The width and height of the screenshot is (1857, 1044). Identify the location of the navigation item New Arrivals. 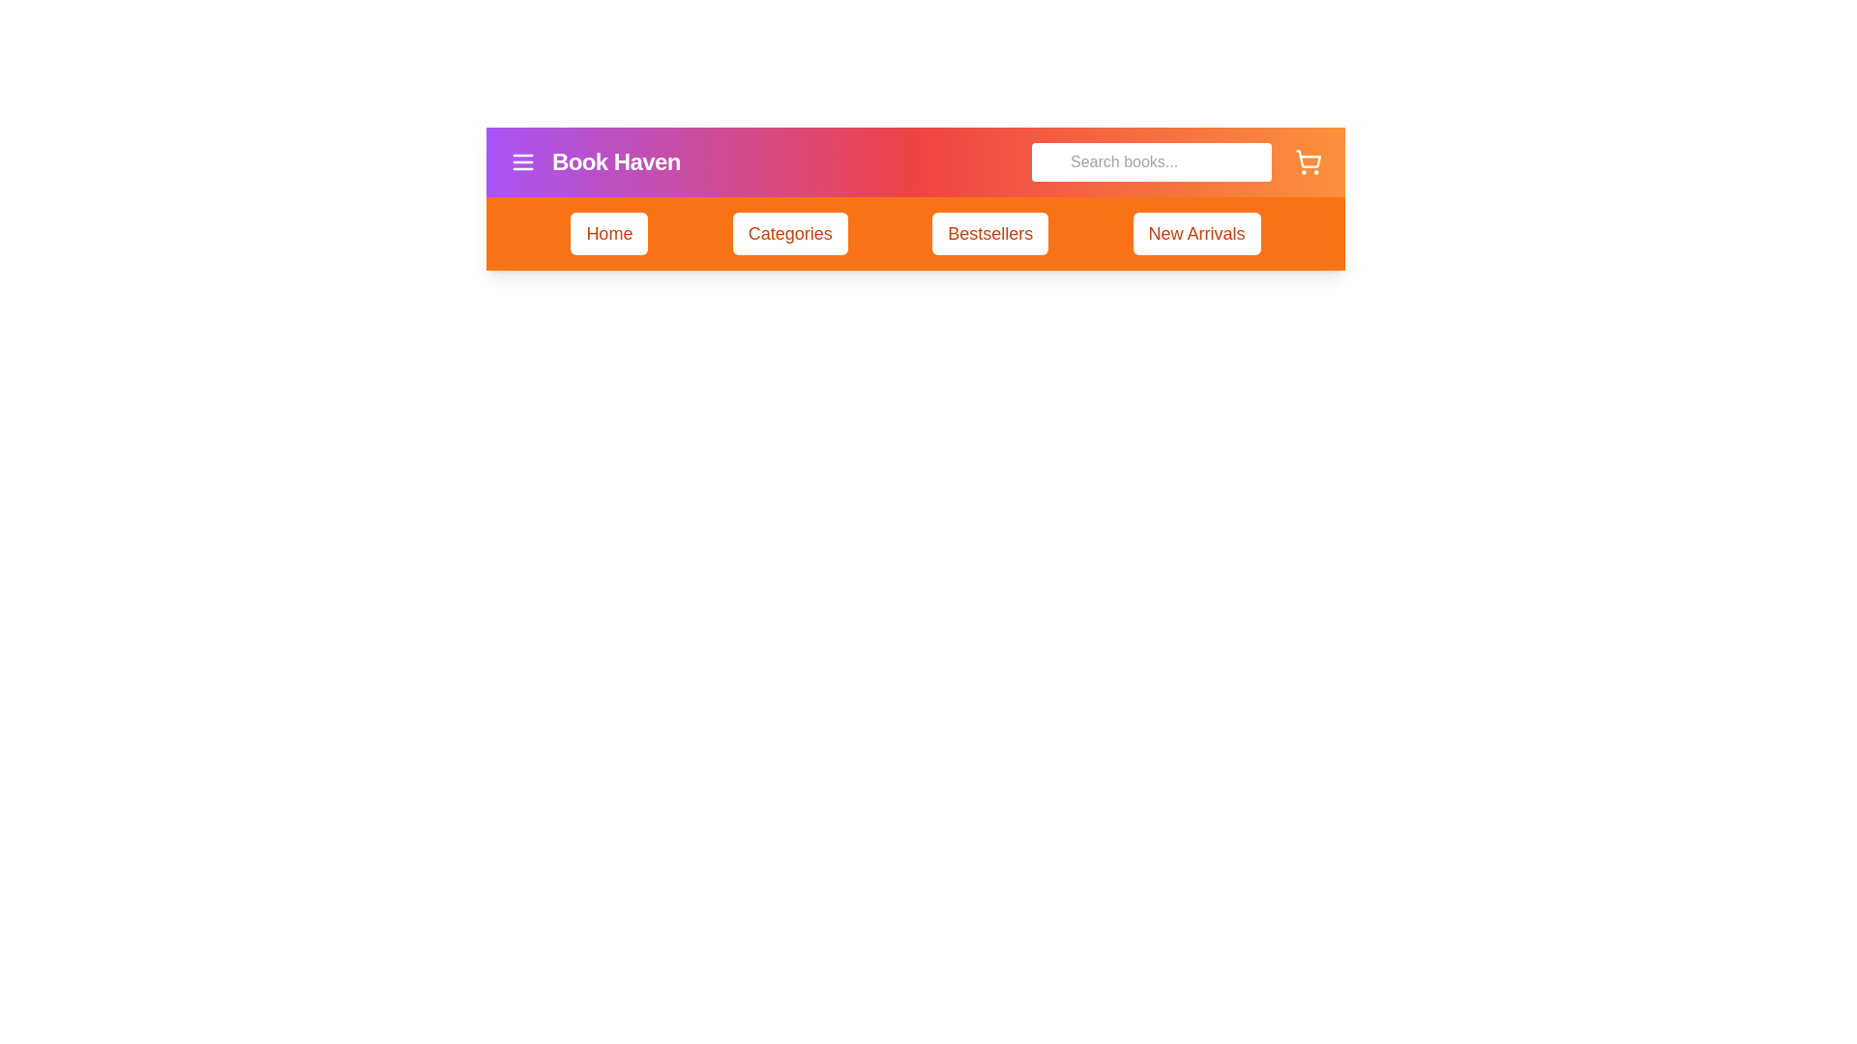
(1195, 233).